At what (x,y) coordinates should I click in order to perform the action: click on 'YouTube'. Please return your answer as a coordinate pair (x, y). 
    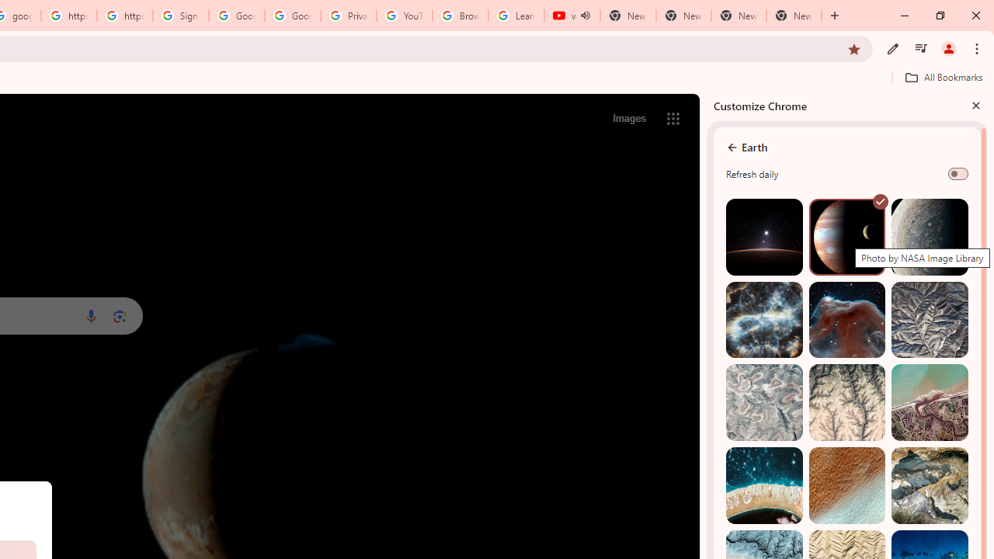
    Looking at the image, I should click on (404, 16).